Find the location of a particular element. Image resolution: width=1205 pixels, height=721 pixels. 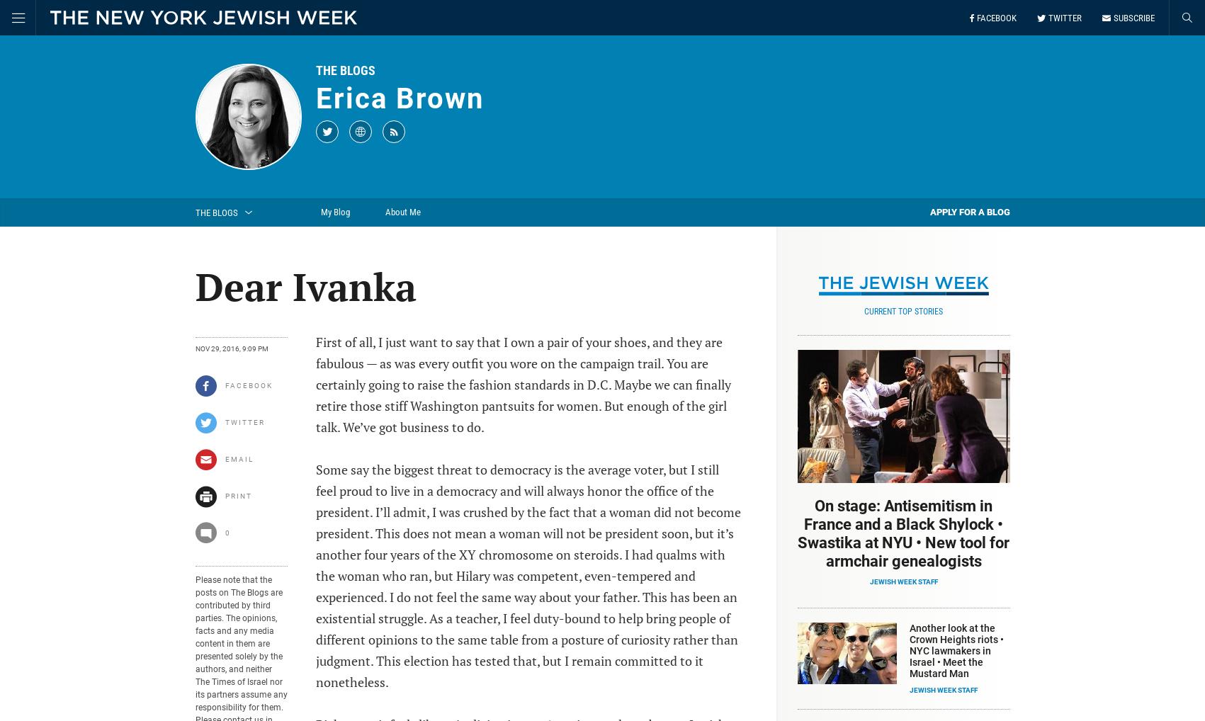

'Nov 29, 2016, 9:09 PM' is located at coordinates (195, 348).